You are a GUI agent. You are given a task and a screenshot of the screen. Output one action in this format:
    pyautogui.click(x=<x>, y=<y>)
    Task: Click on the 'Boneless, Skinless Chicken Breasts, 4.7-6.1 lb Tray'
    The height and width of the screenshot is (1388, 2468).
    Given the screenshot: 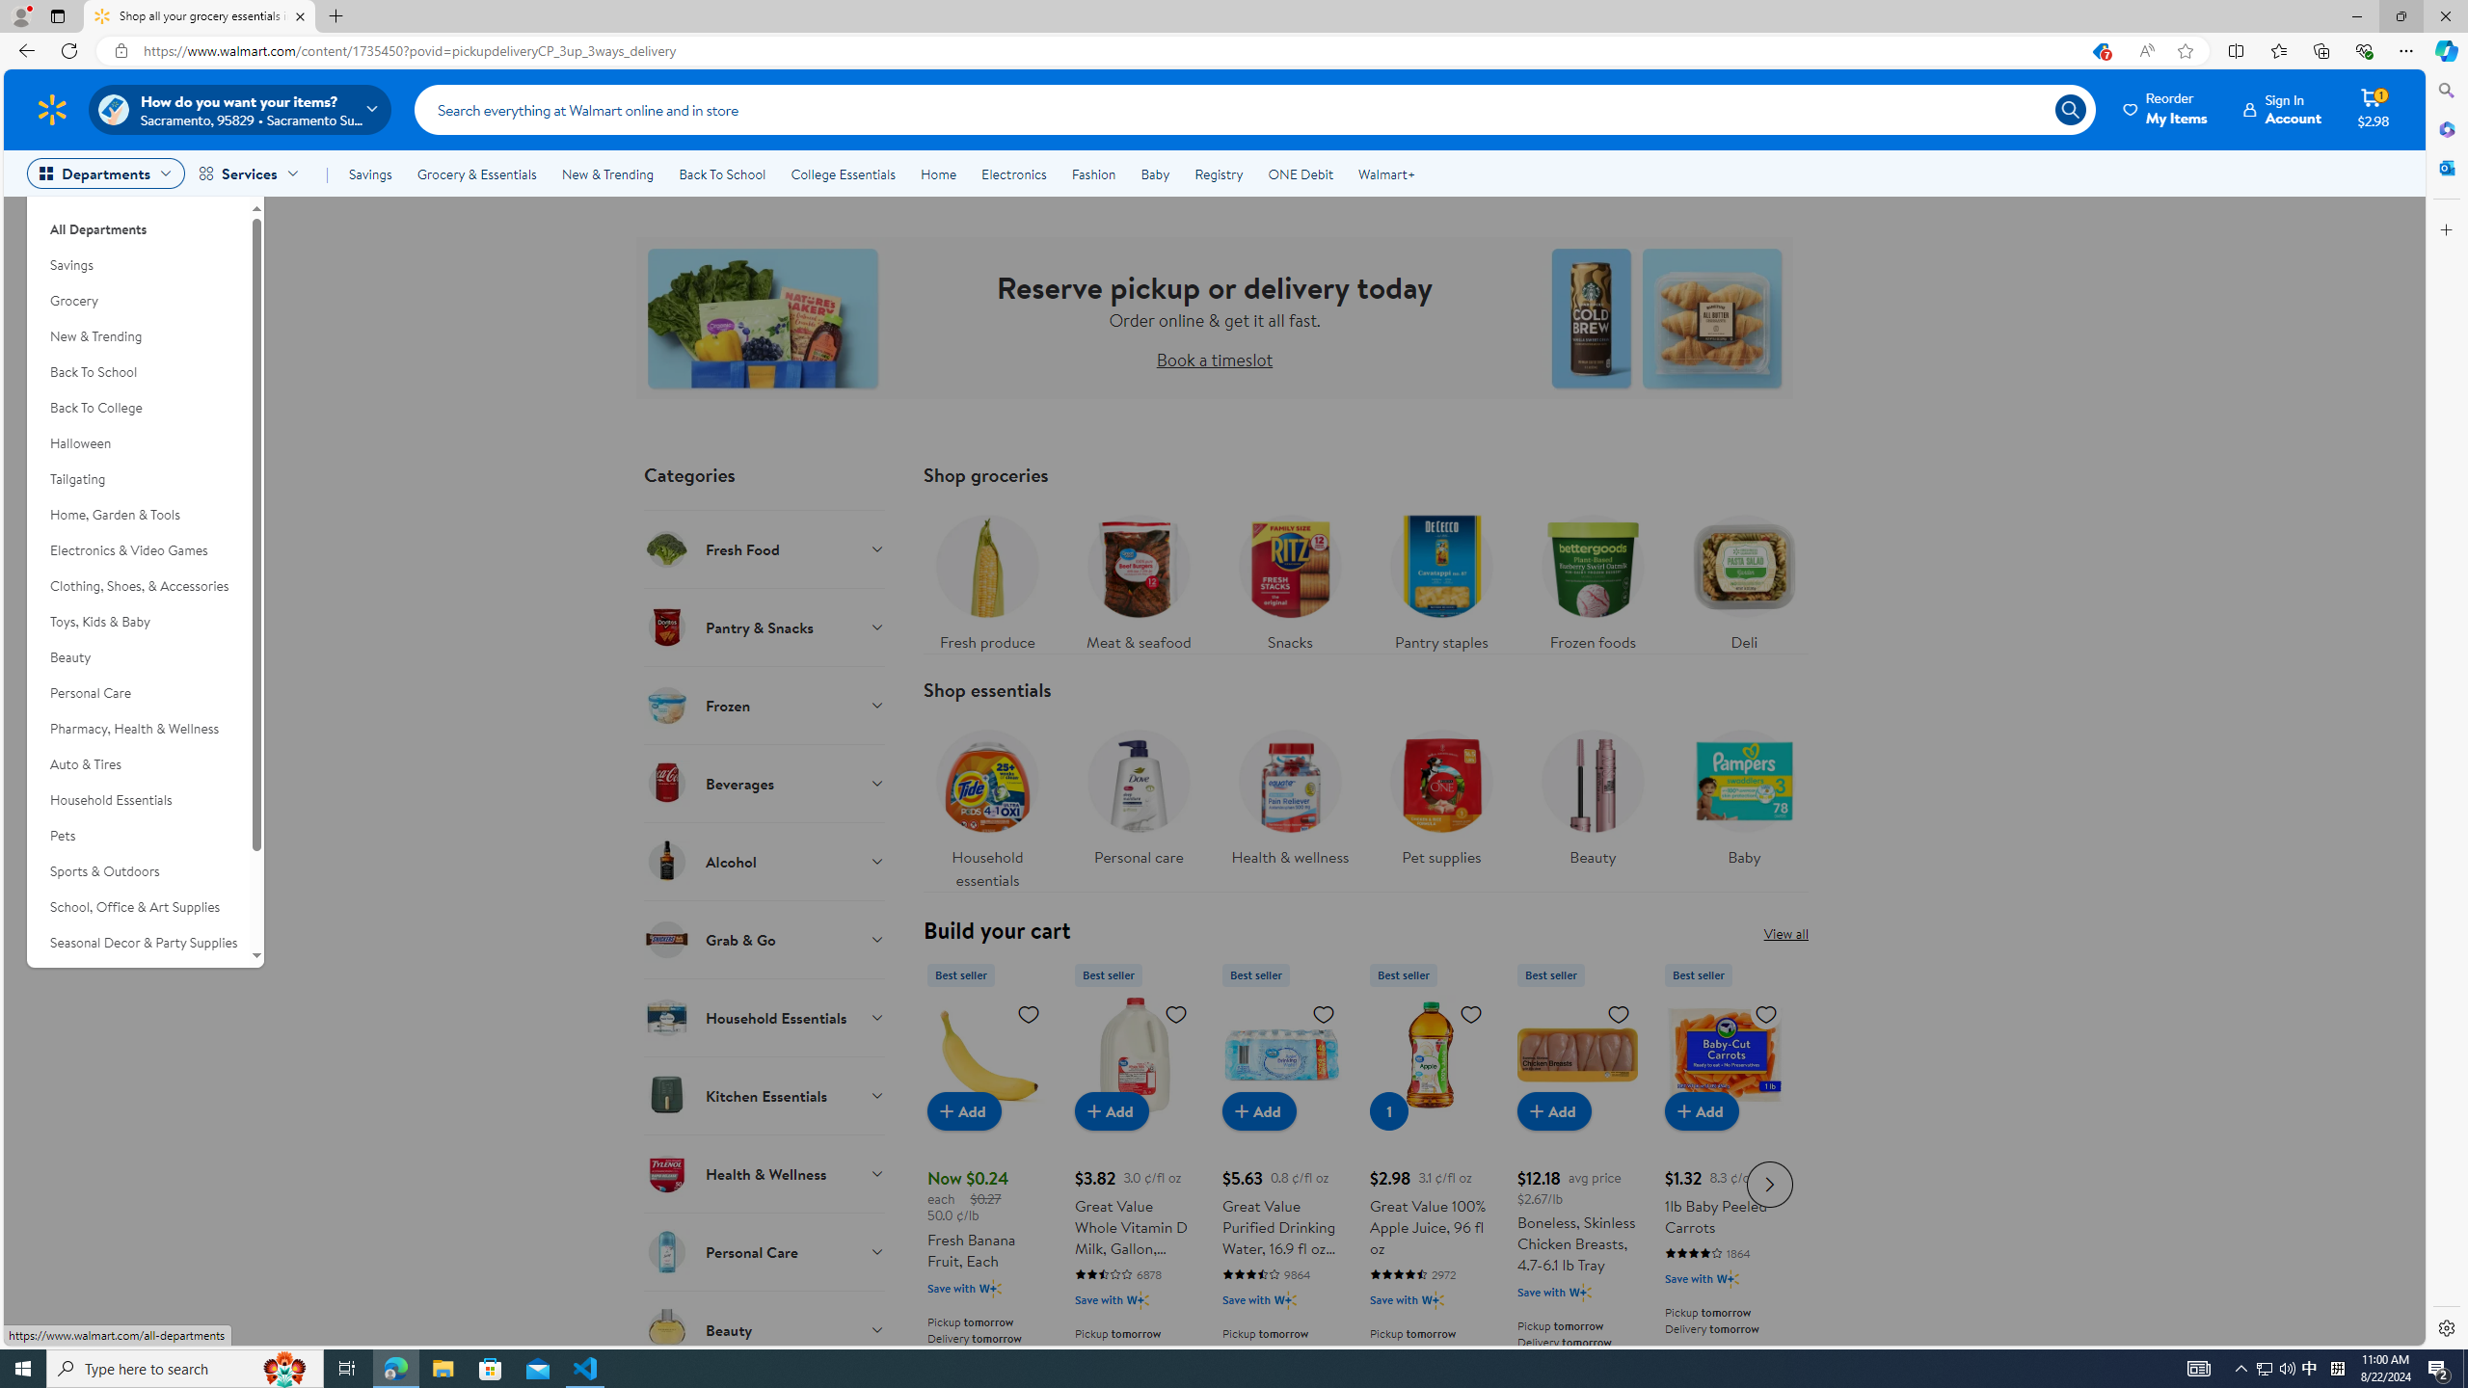 What is the action you would take?
    pyautogui.click(x=1577, y=1181)
    